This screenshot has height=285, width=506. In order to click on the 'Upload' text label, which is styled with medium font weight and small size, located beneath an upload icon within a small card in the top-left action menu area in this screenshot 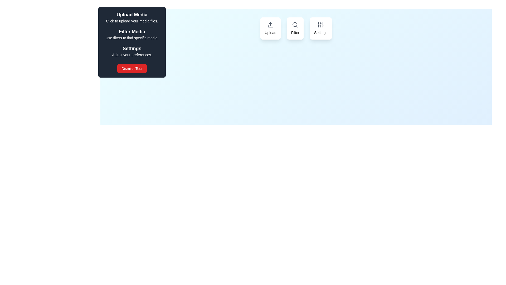, I will do `click(270, 32)`.